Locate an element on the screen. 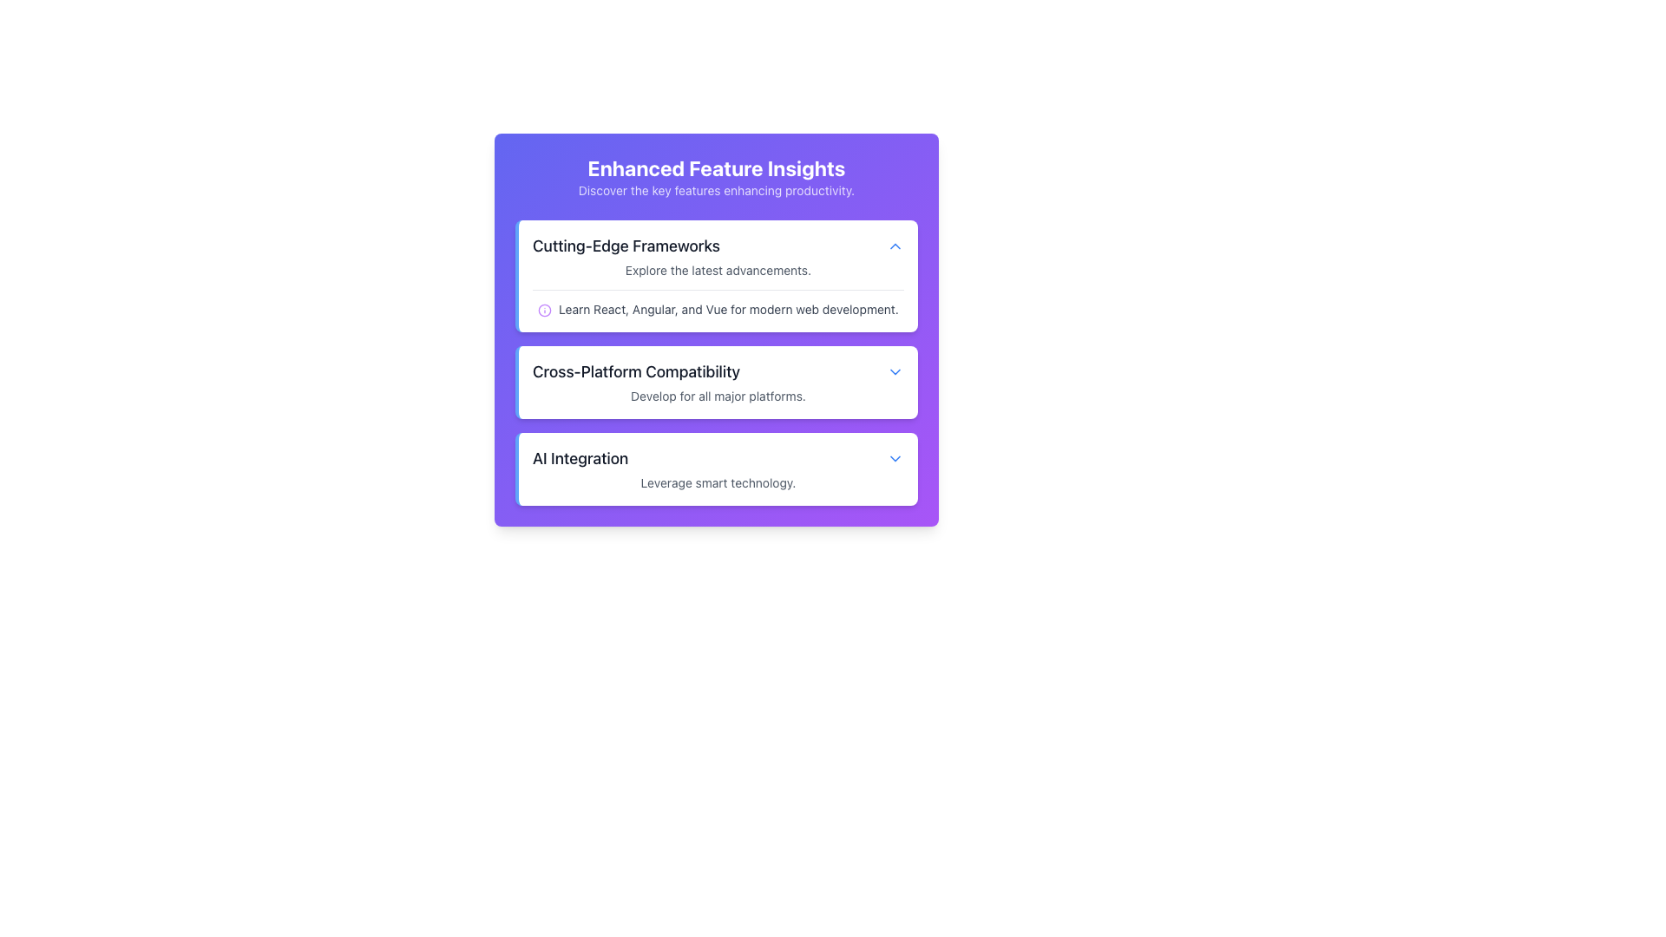 The height and width of the screenshot is (937, 1666). the blue chevron-up icon aligned with the text 'Cutting-Edge Frameworks' is located at coordinates (895, 246).